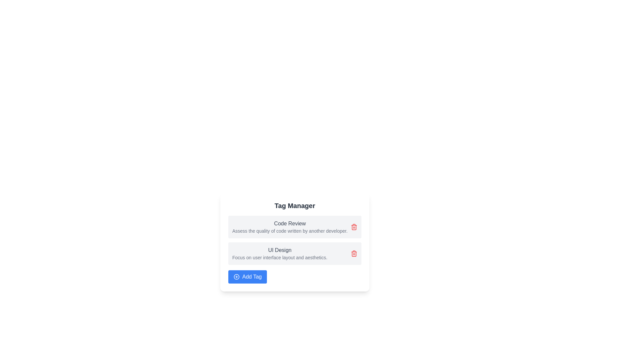  Describe the element at coordinates (354, 254) in the screenshot. I see `trash bin icon, which signifies deletion functionality, located next to the 'UI Design' label in the Tag Manager interface` at that location.